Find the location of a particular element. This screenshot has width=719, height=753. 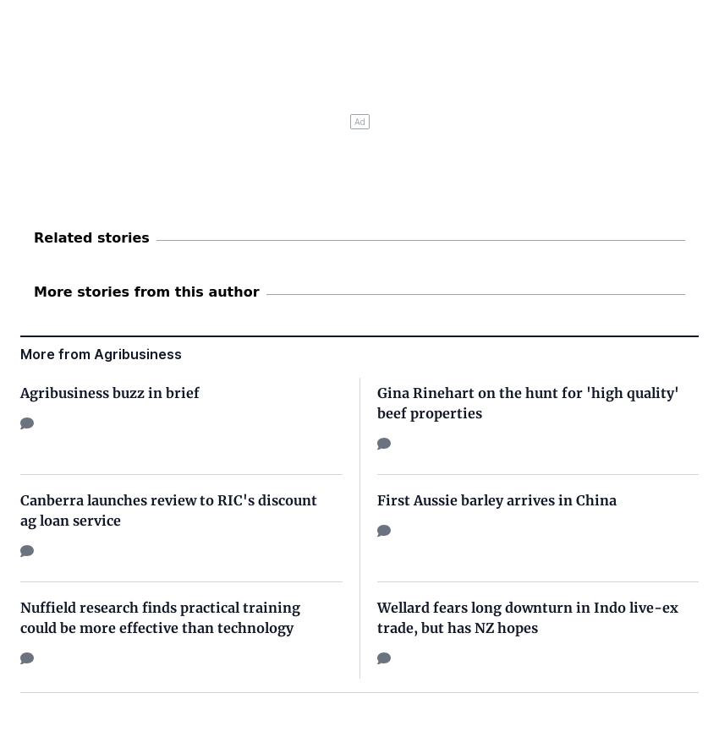

'More from Agribusiness' is located at coordinates (100, 352).